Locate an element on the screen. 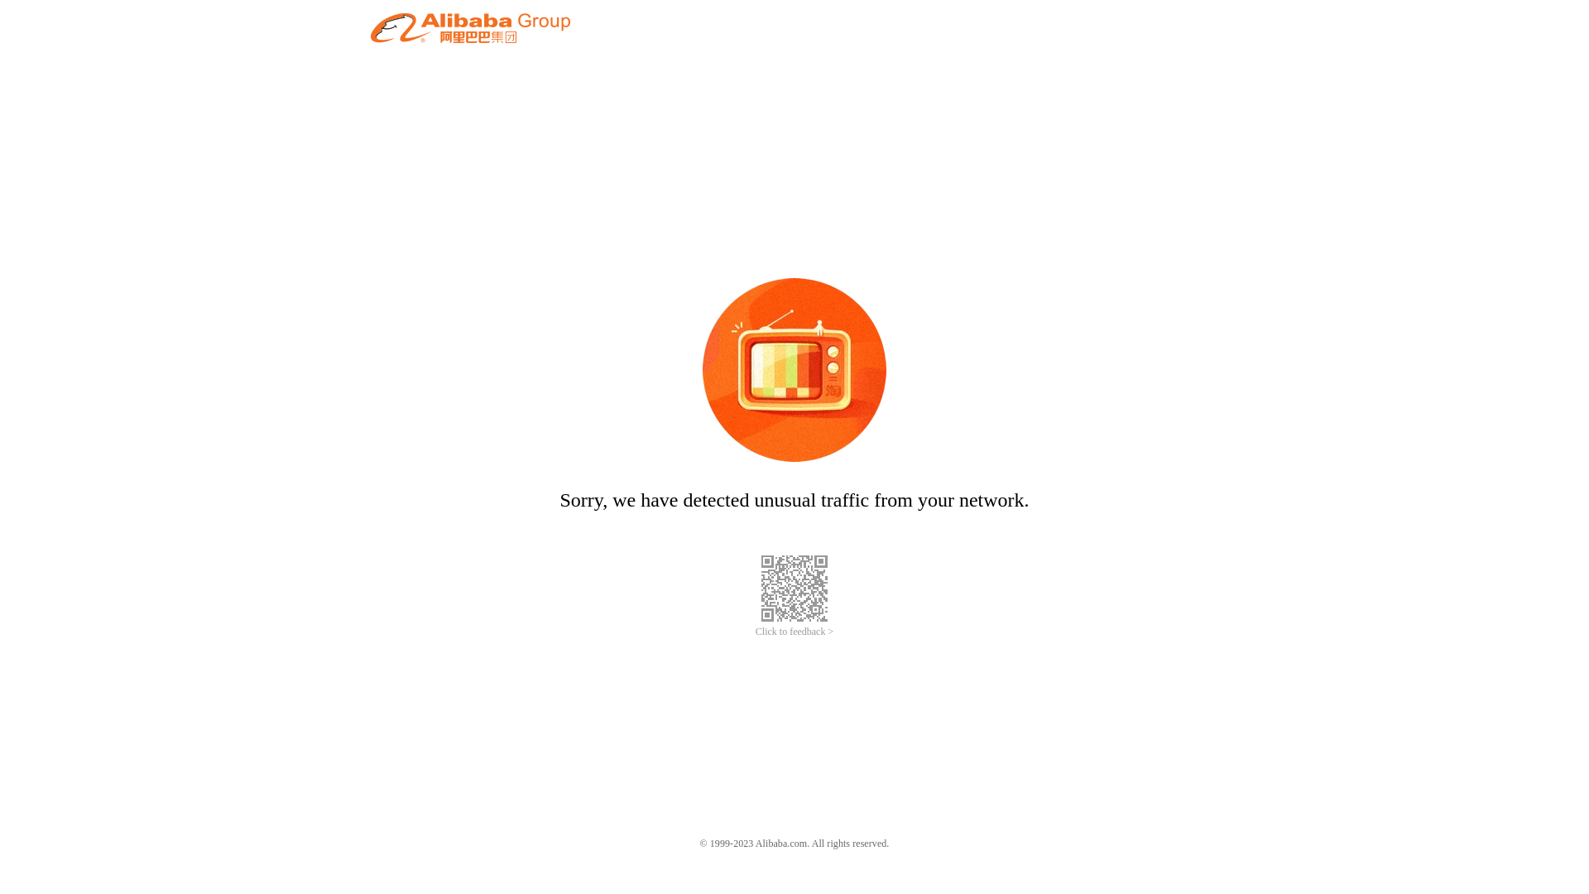 This screenshot has height=894, width=1589. 'Click to feedback >' is located at coordinates (754, 632).